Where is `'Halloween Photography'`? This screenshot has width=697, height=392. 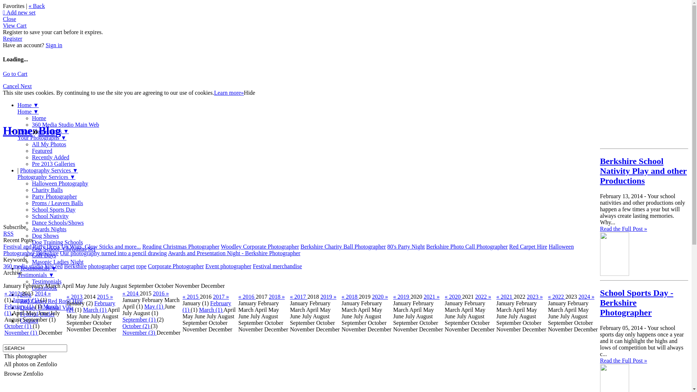 'Halloween Photography' is located at coordinates (60, 183).